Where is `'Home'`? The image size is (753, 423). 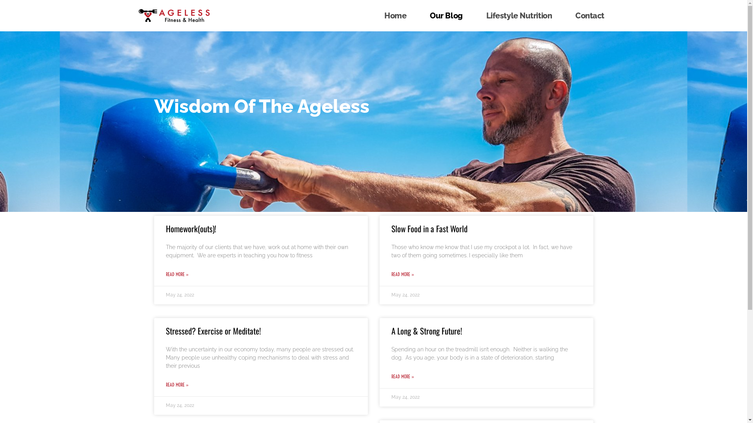
'Home' is located at coordinates (395, 15).